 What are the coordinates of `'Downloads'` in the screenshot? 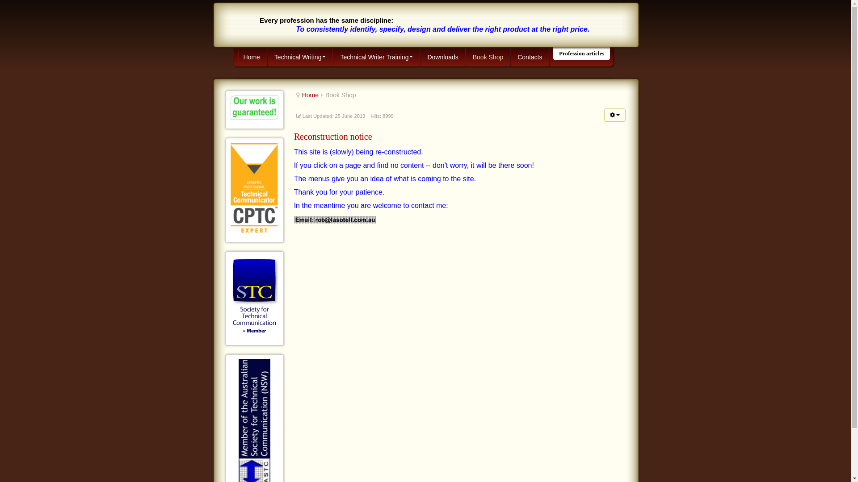 It's located at (442, 57).